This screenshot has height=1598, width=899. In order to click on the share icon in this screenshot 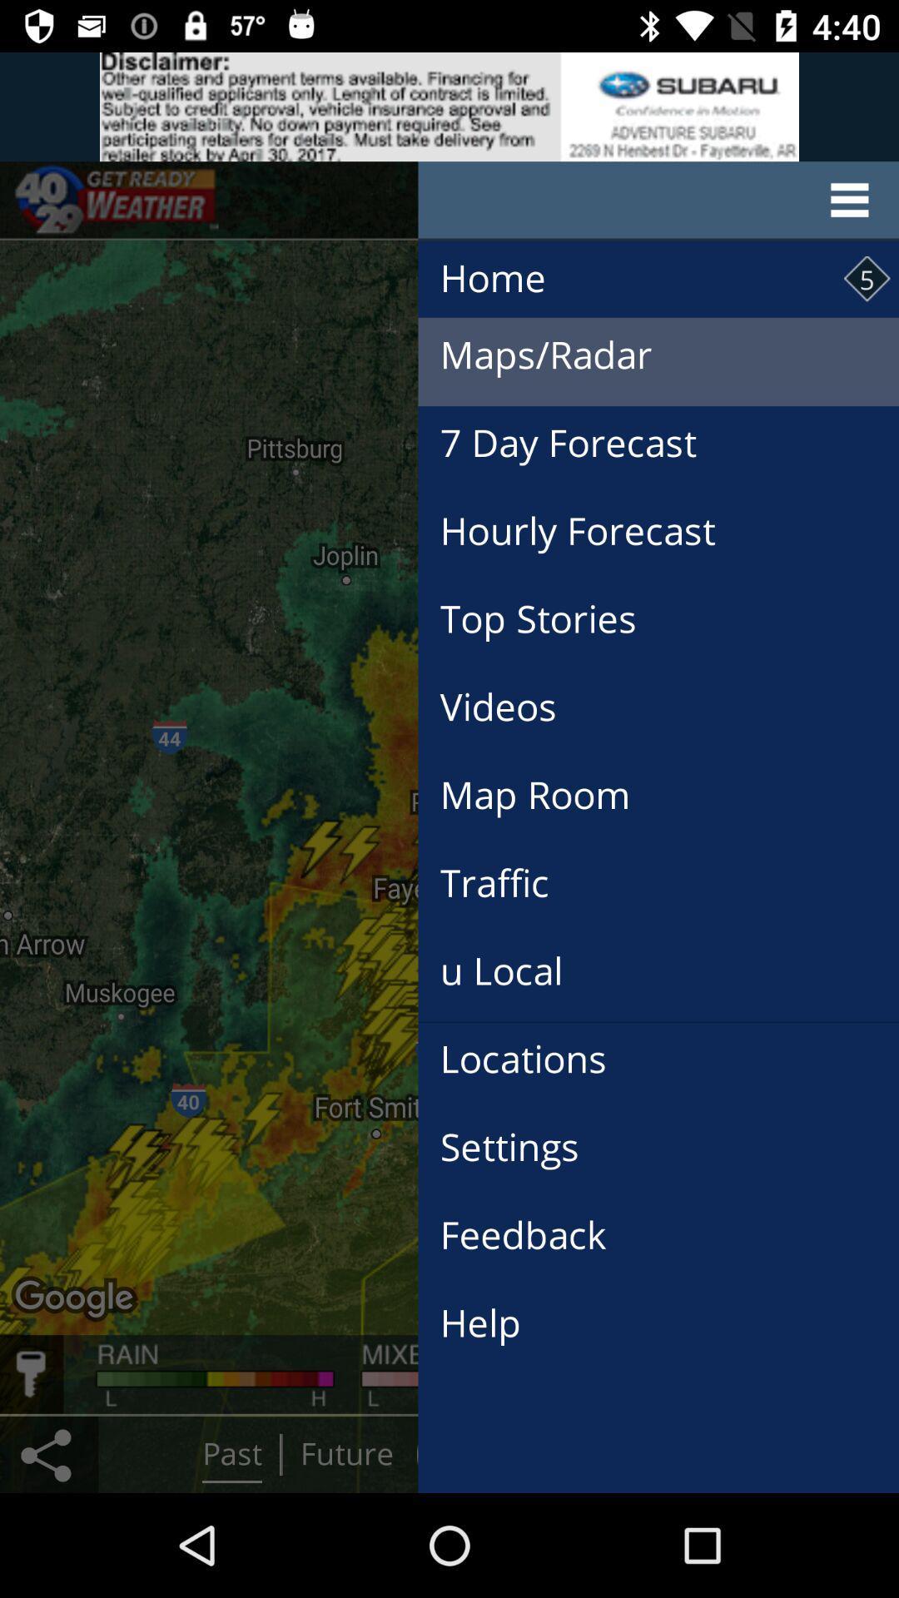, I will do `click(48, 1453)`.